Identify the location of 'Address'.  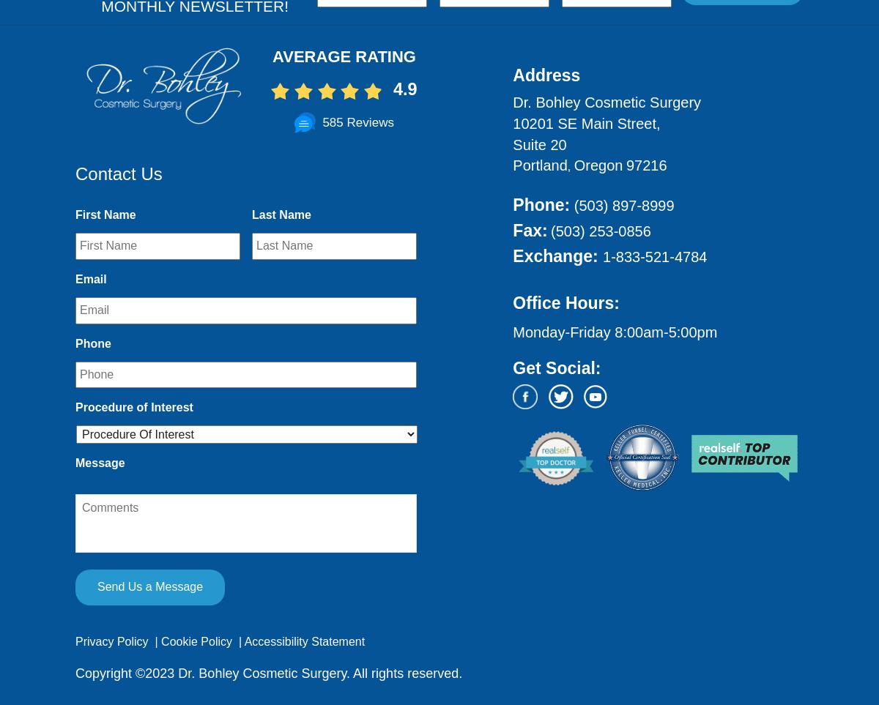
(512, 75).